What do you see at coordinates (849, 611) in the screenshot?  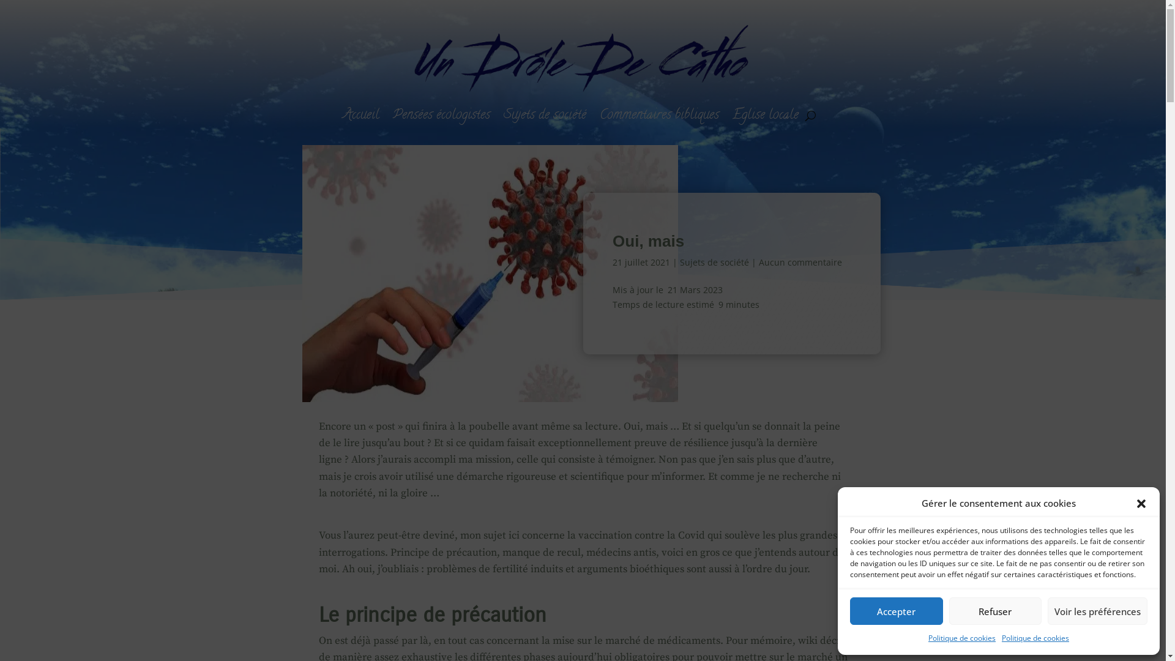 I see `'Accepter'` at bounding box center [849, 611].